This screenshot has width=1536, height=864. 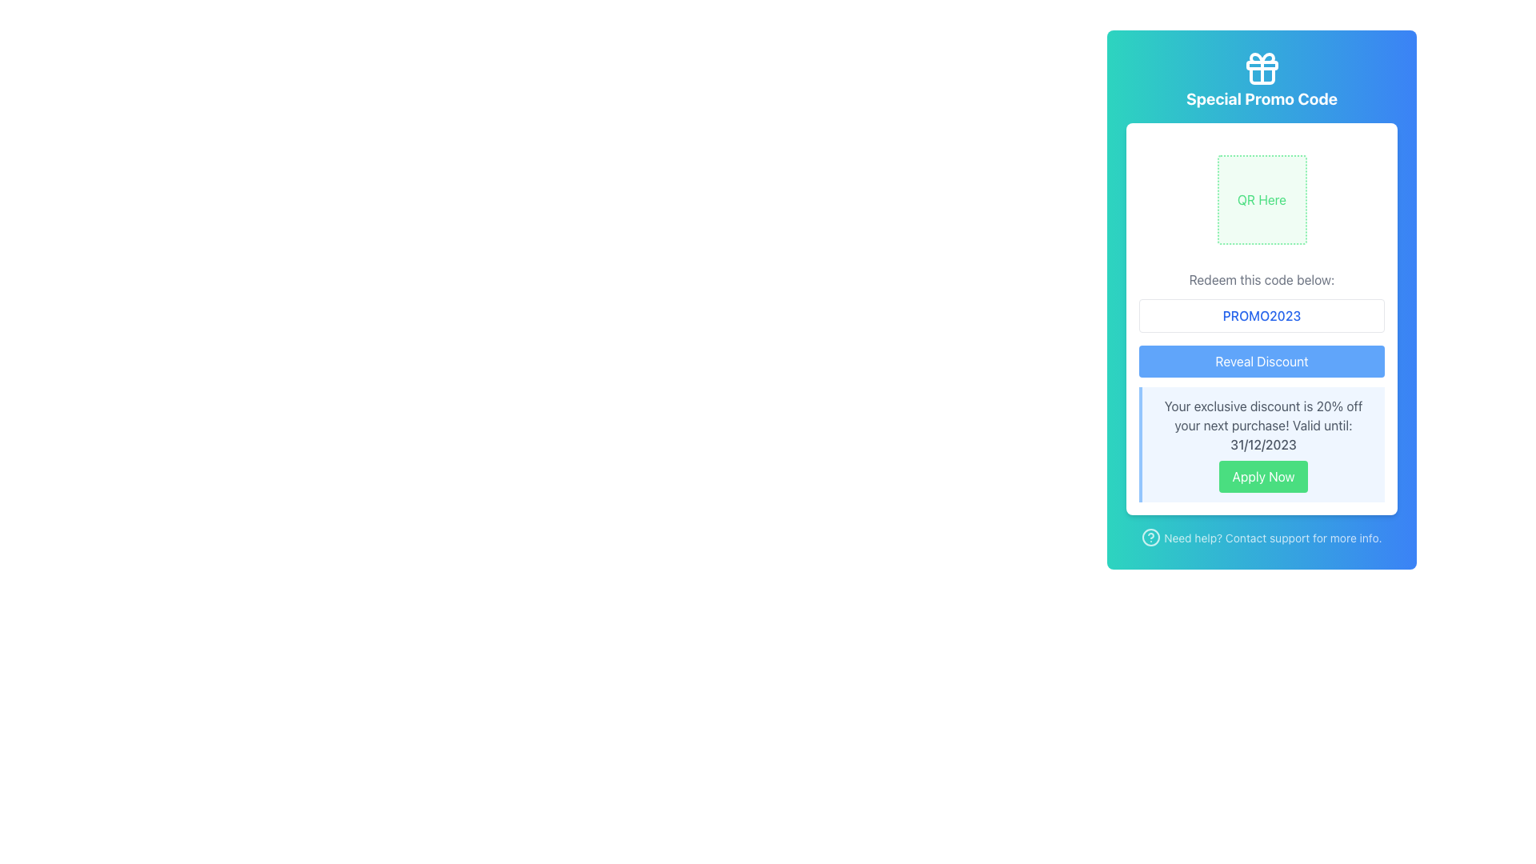 What do you see at coordinates (1261, 199) in the screenshot?
I see `the static placeholder area with a light green background and dotted border that displays the text 'QR Here'` at bounding box center [1261, 199].